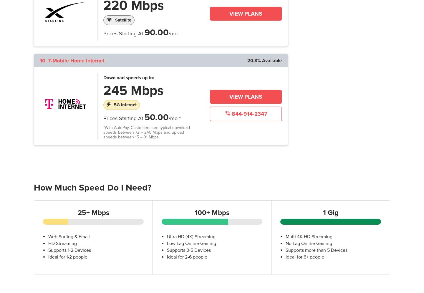  I want to click on 'No Lag Online Gaming', so click(309, 243).